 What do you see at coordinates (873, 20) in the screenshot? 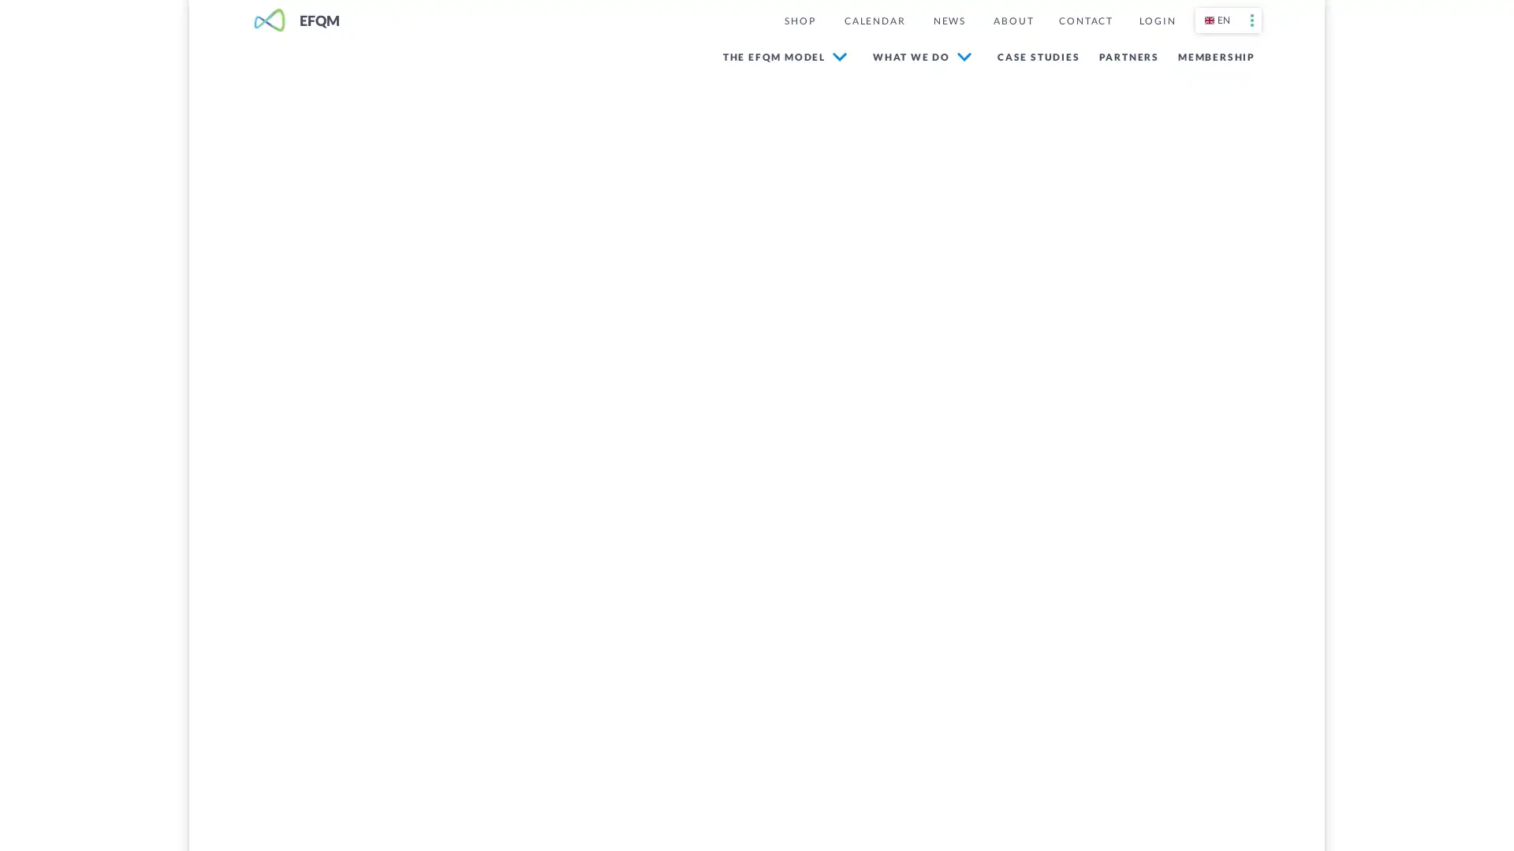
I see `CALENDAR` at bounding box center [873, 20].